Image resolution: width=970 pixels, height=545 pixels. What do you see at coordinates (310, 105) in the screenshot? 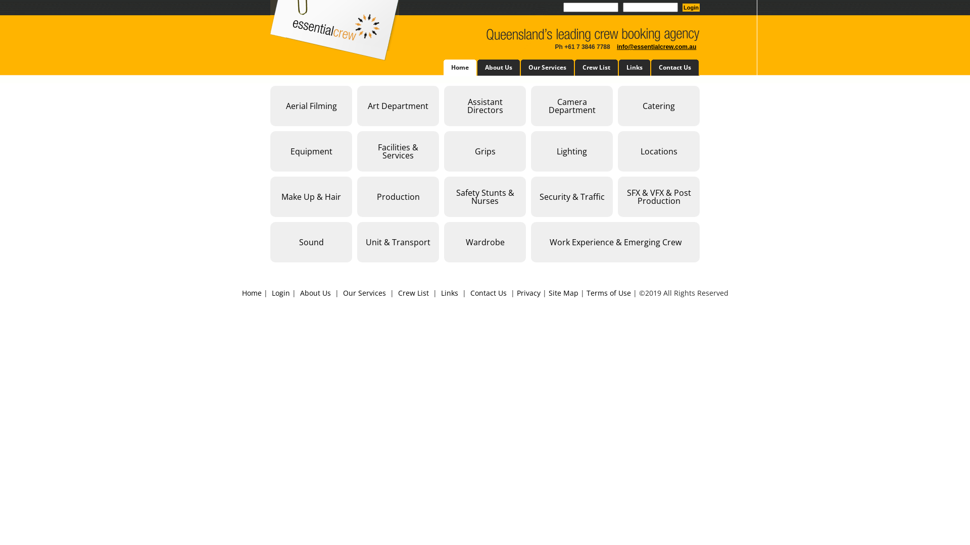
I see `'Aerial Filming'` at bounding box center [310, 105].